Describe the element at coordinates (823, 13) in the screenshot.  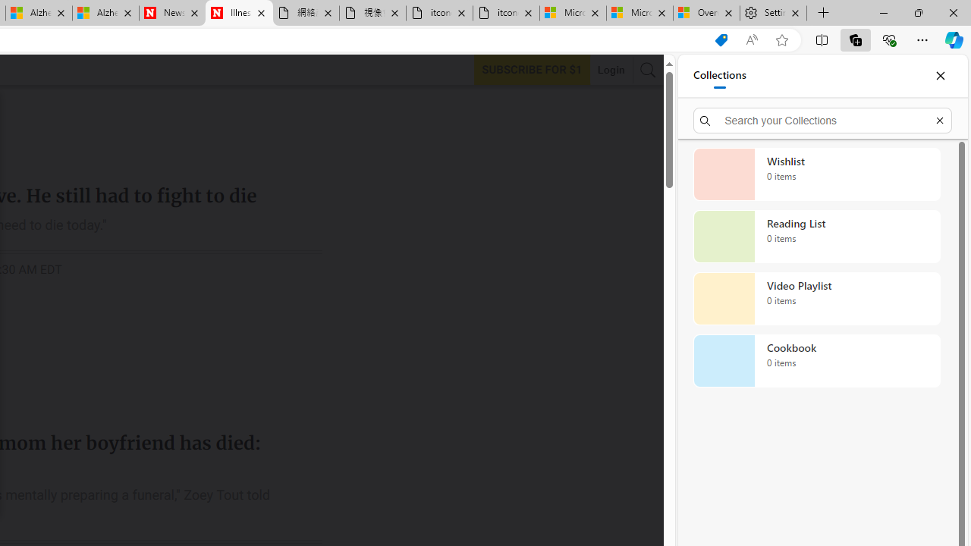
I see `'New Tab'` at that location.